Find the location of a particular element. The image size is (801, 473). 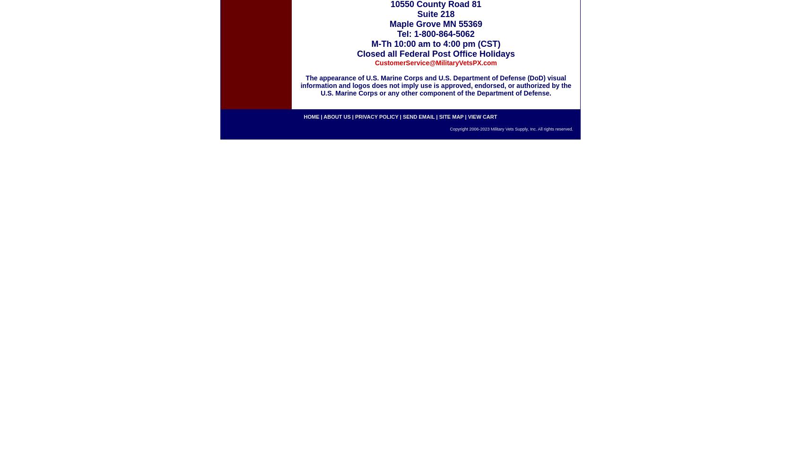

'site map' is located at coordinates (451, 116).